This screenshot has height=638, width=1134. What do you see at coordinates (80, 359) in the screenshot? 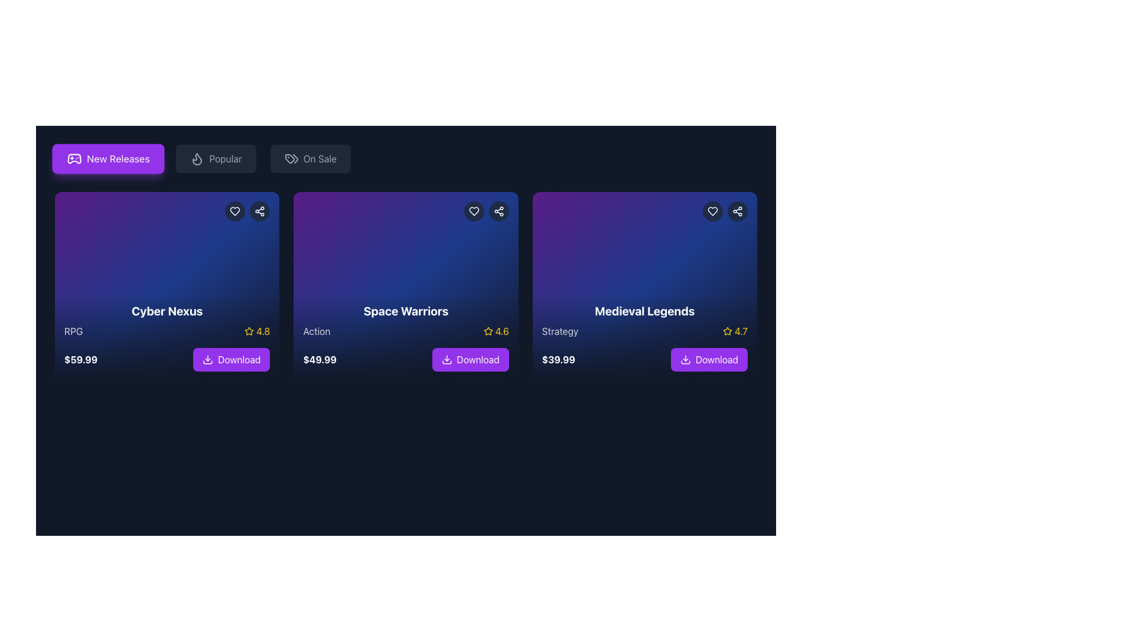
I see `the text label displaying the price '$59.99', which is located in the leftmost card titled 'Cyber Nexus' under the 'New Releases' section, near the bottom-left corner of the card, above the purple 'Download' button` at bounding box center [80, 359].